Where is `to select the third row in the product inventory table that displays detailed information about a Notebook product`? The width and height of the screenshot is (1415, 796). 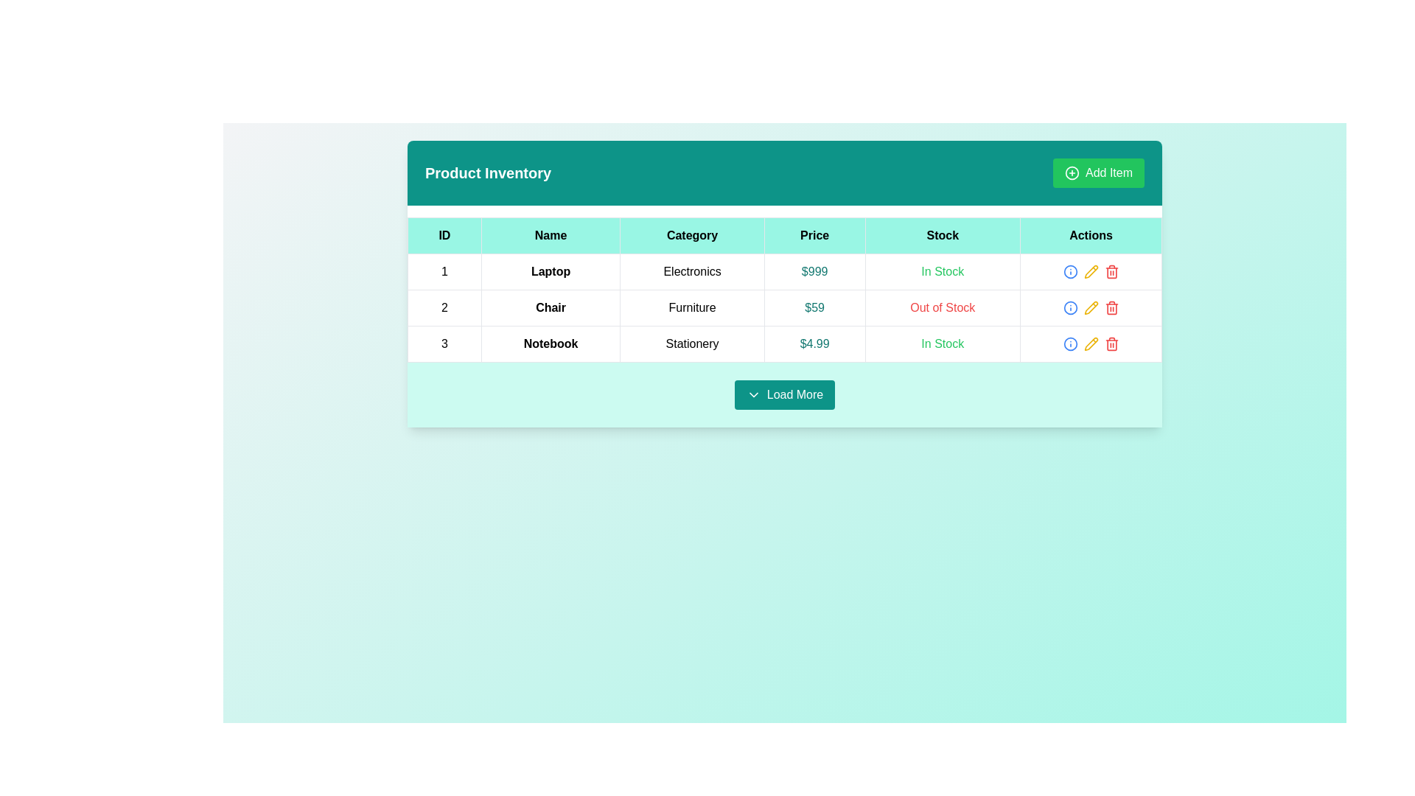 to select the third row in the product inventory table that displays detailed information about a Notebook product is located at coordinates (784, 343).